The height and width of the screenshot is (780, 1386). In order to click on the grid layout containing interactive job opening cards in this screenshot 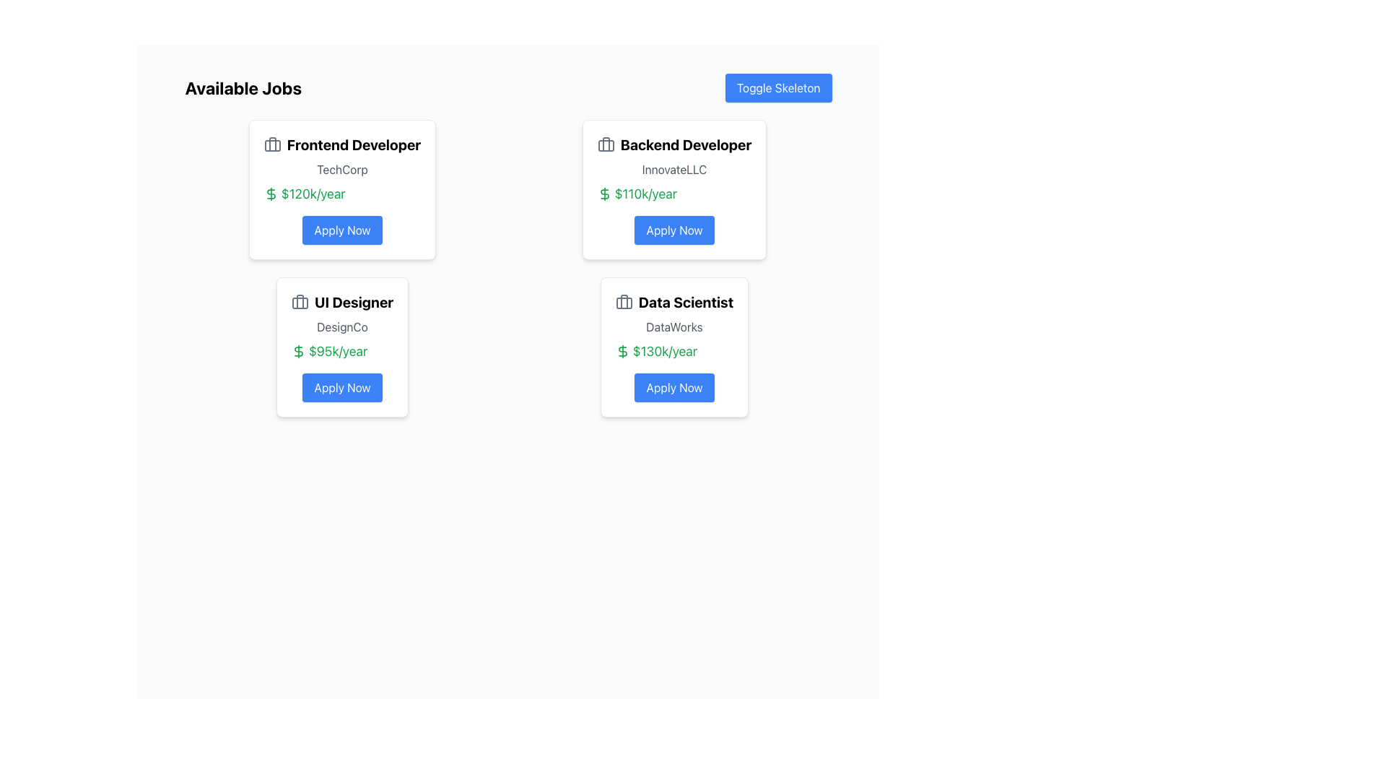, I will do `click(508, 268)`.